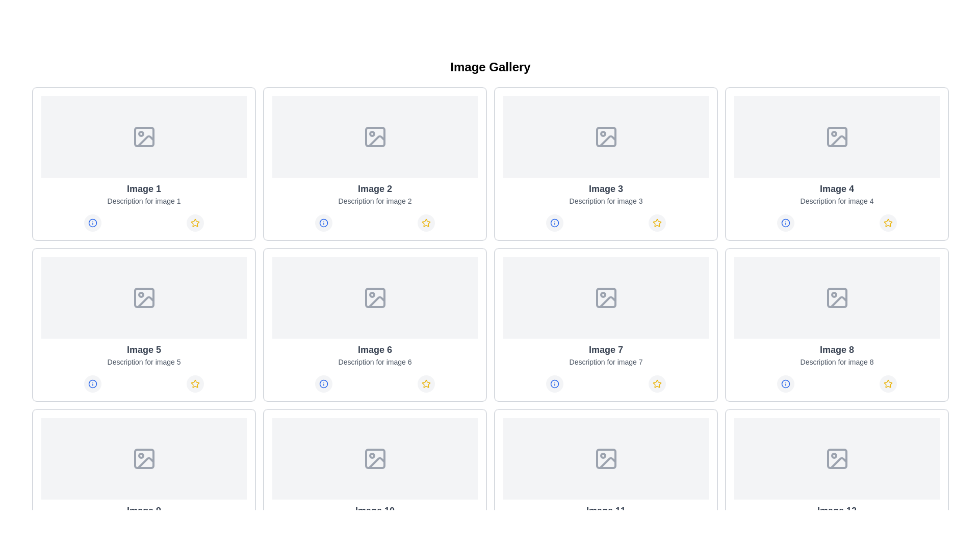  Describe the element at coordinates (374, 201) in the screenshot. I see `the text paragraph styled with a small font and gray color, located directly below the title 'Image 2', which contains the text 'Description for image 2'` at that location.